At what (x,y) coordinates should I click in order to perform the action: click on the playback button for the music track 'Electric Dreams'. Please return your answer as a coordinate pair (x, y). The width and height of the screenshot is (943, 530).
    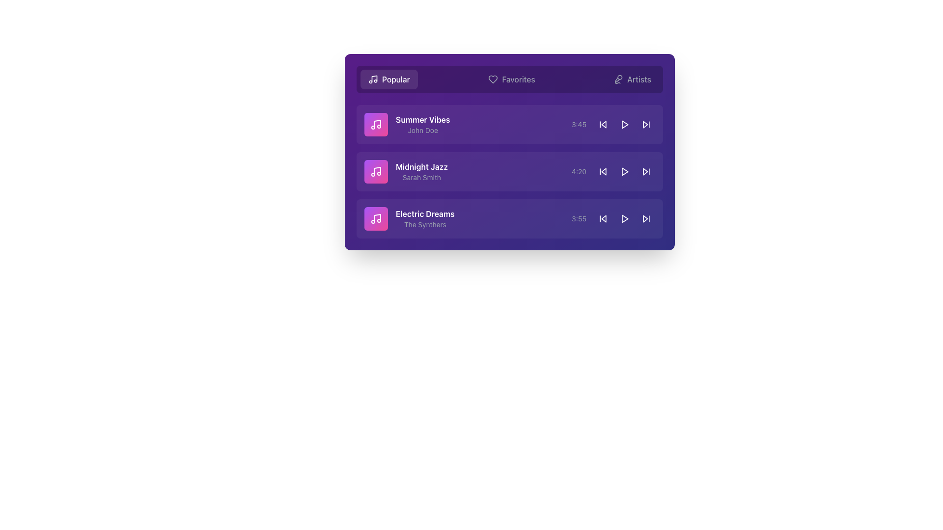
    Looking at the image, I should click on (624, 218).